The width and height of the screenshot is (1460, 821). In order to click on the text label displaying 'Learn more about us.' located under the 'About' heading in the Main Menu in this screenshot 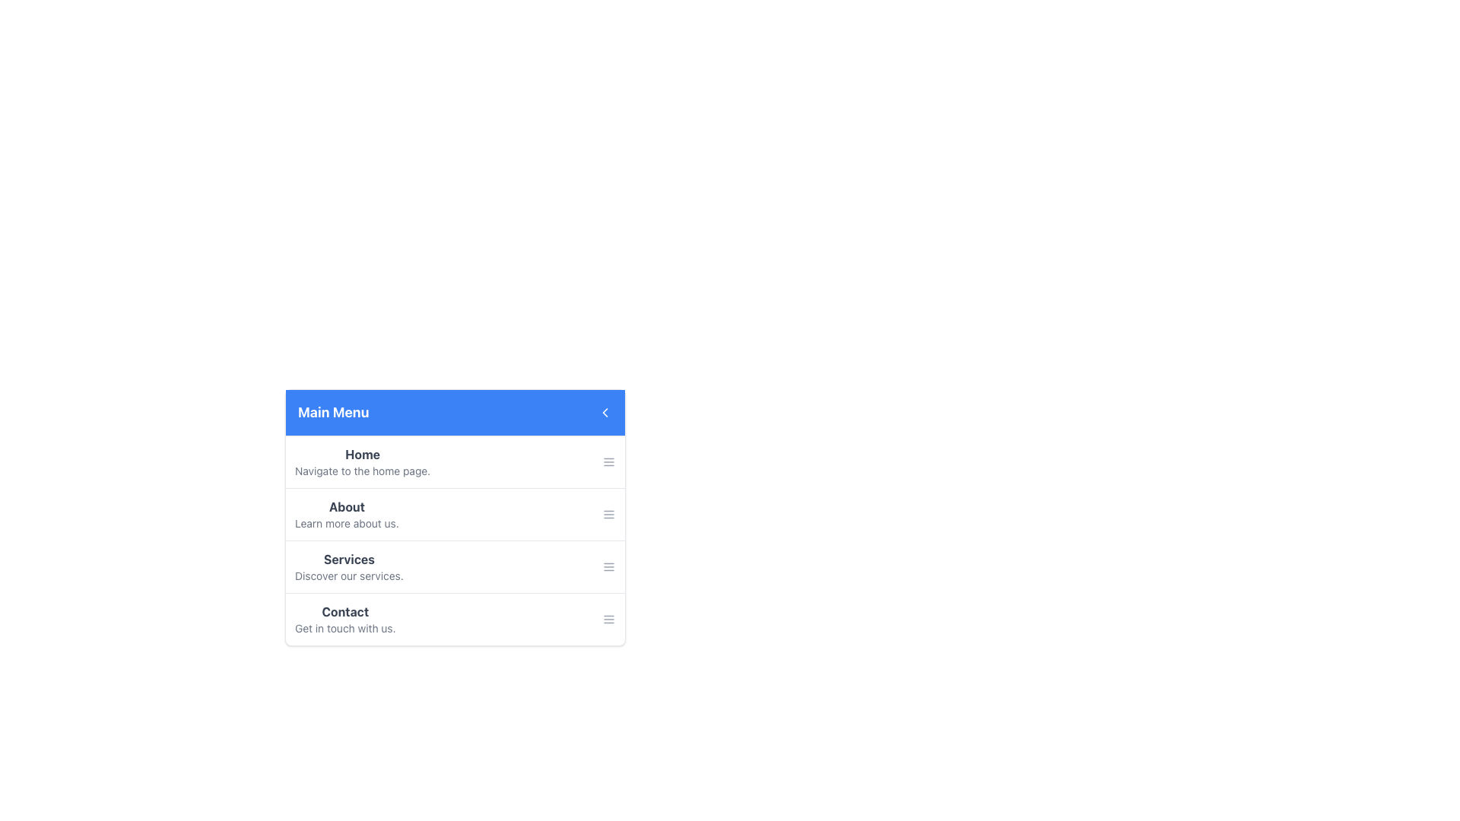, I will do `click(346, 523)`.